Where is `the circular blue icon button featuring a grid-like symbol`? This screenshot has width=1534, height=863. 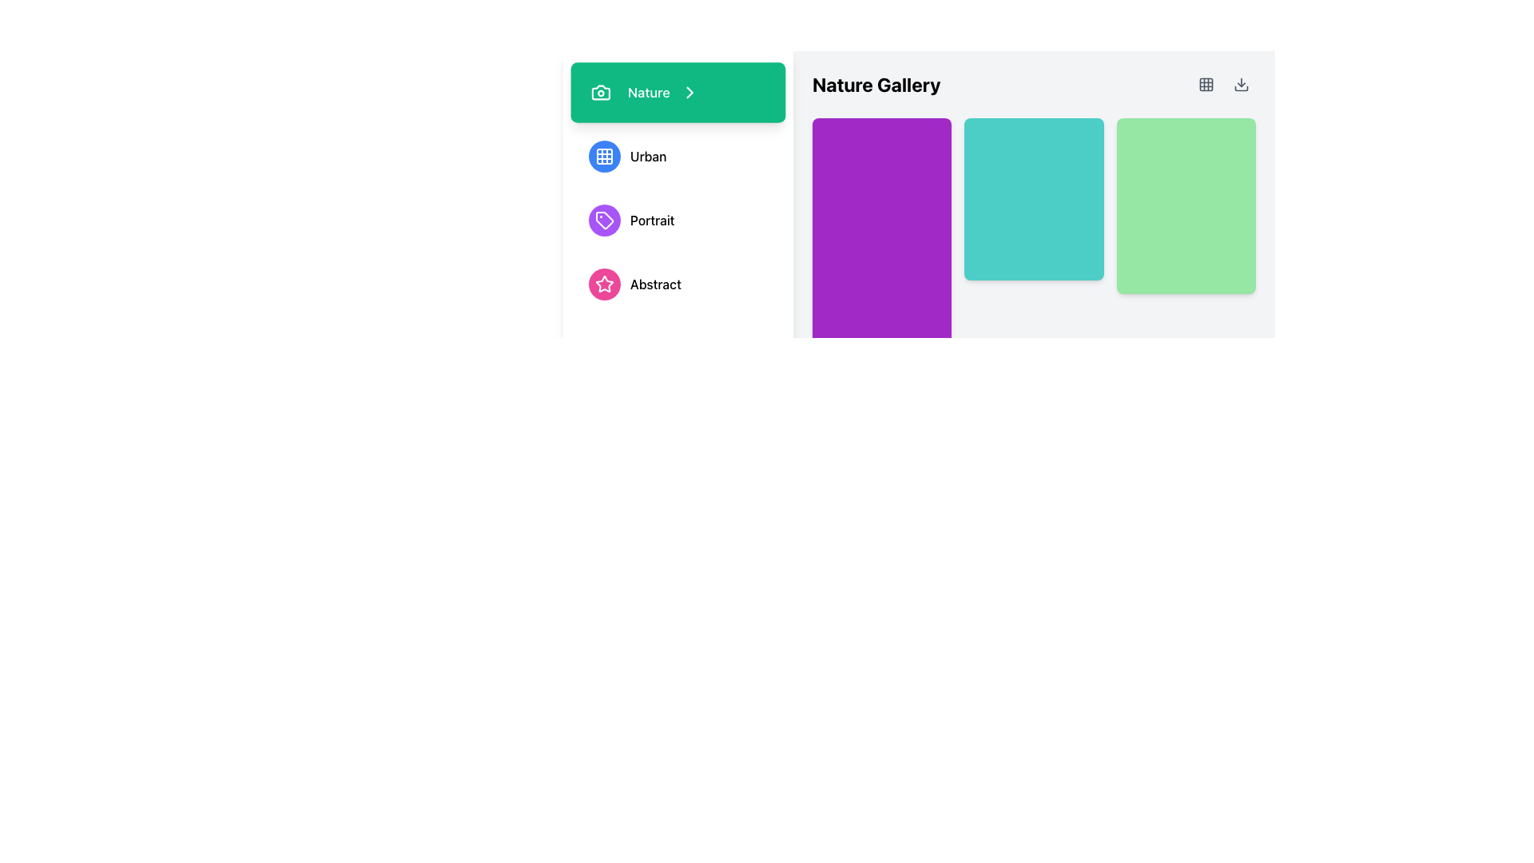
the circular blue icon button featuring a grid-like symbol is located at coordinates (604, 157).